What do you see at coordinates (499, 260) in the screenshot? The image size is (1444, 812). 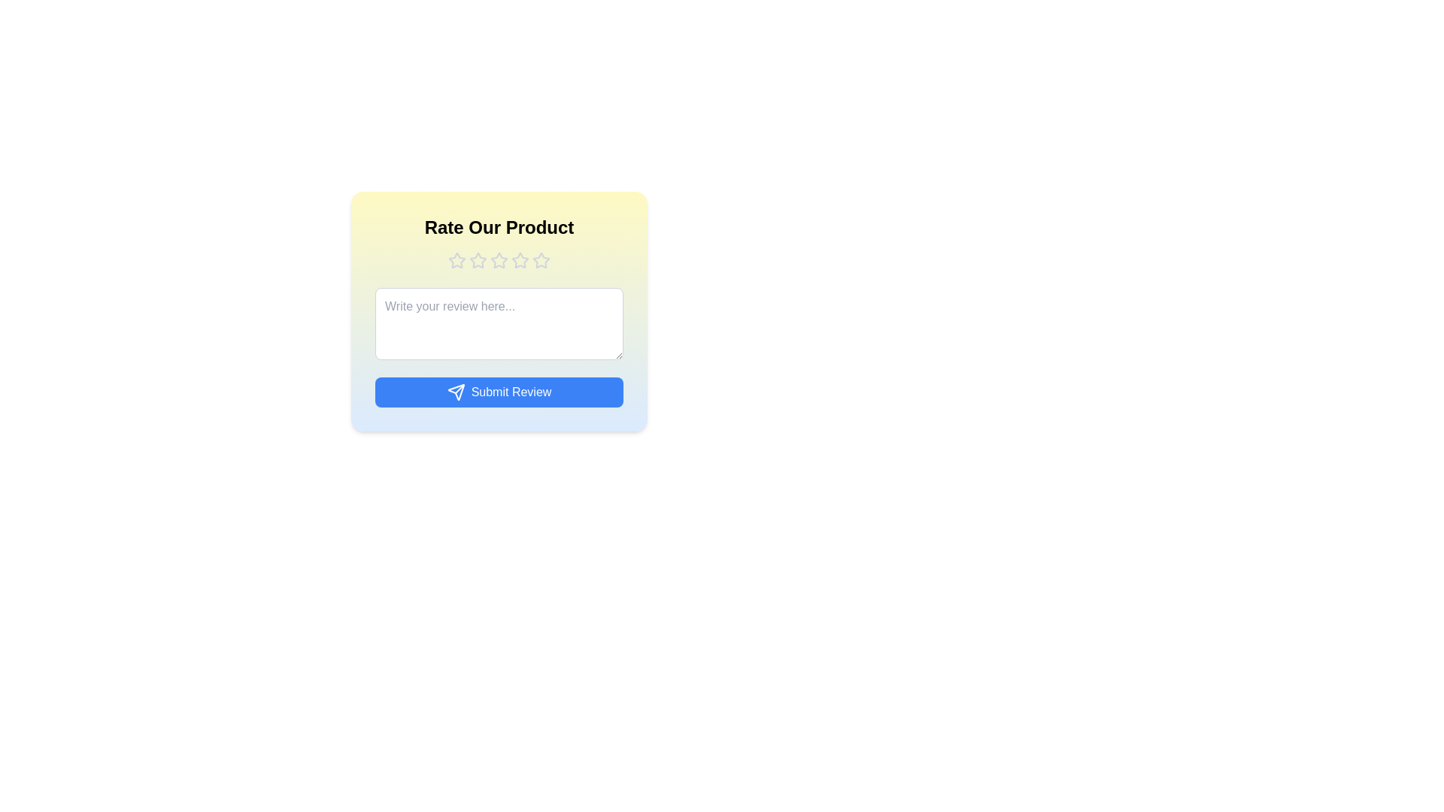 I see `the product rating to 3 stars by clicking on the corresponding star` at bounding box center [499, 260].